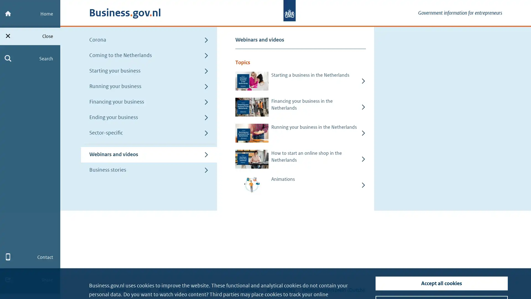 The width and height of the screenshot is (531, 299). Describe the element at coordinates (441, 261) in the screenshot. I see `Accept all cookies` at that location.